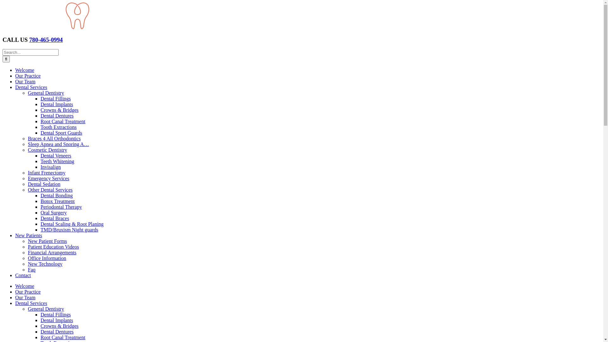 The image size is (608, 342). What do you see at coordinates (47, 258) in the screenshot?
I see `'Office Information'` at bounding box center [47, 258].